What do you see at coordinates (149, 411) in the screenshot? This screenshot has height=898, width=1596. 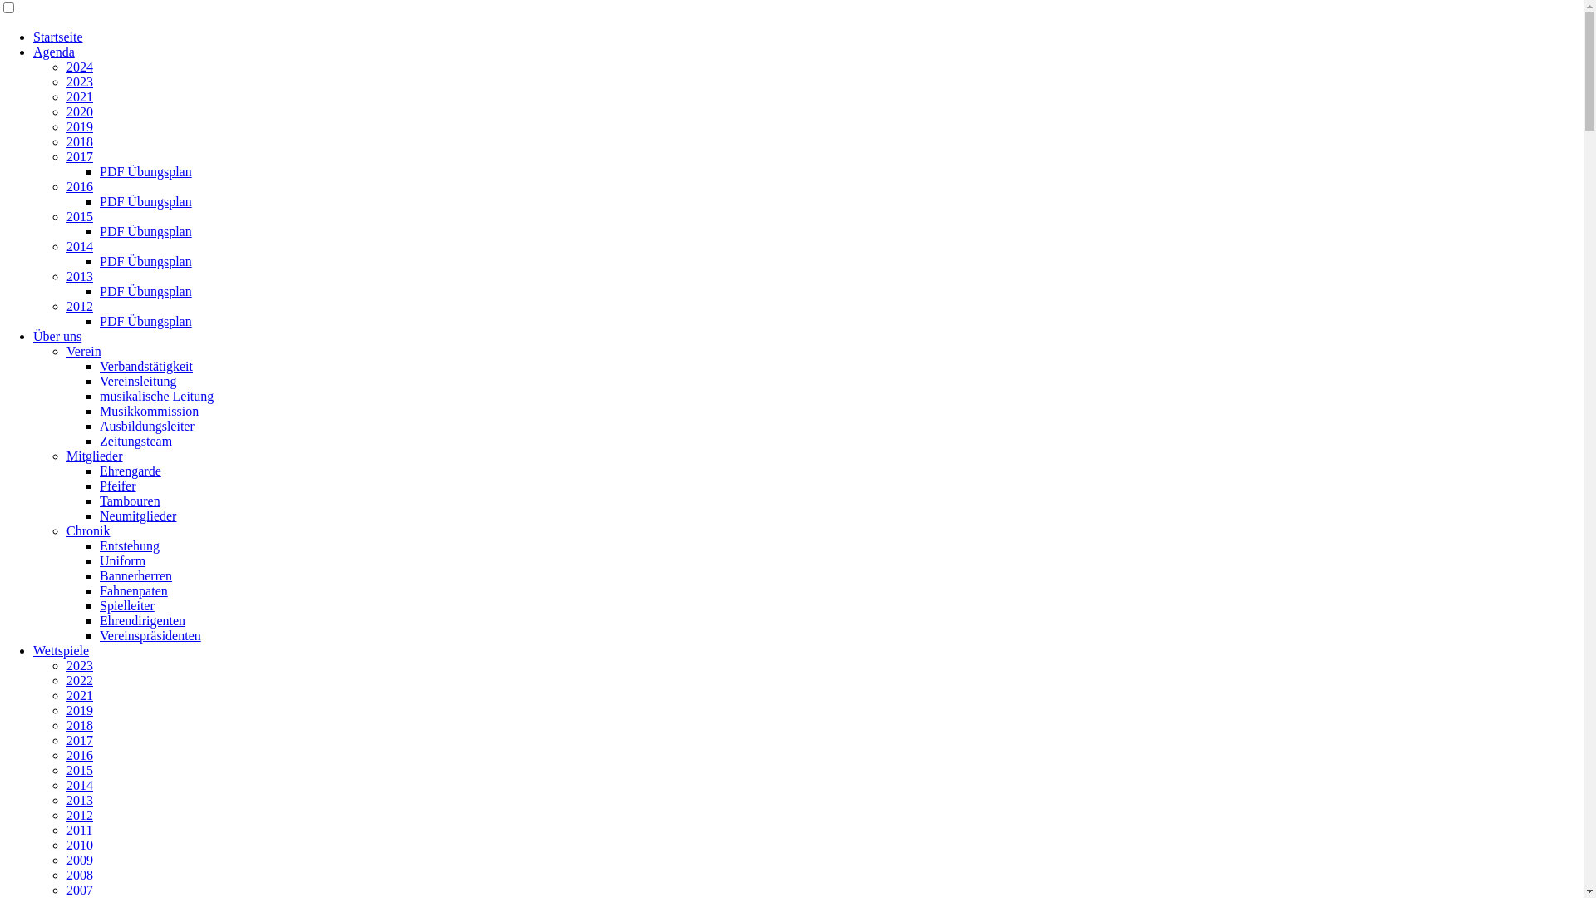 I see `'Musikkommission'` at bounding box center [149, 411].